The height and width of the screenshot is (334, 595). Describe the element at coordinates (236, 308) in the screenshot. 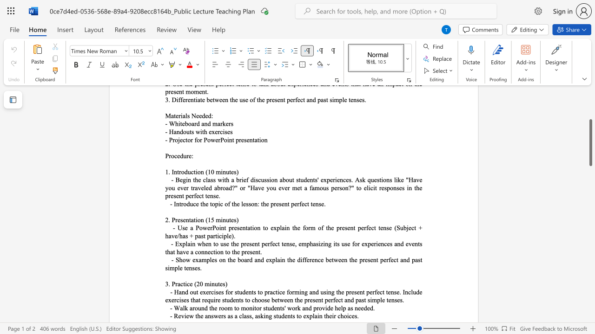

I see `the space between the continuous character "t" and "o" in the text` at that location.